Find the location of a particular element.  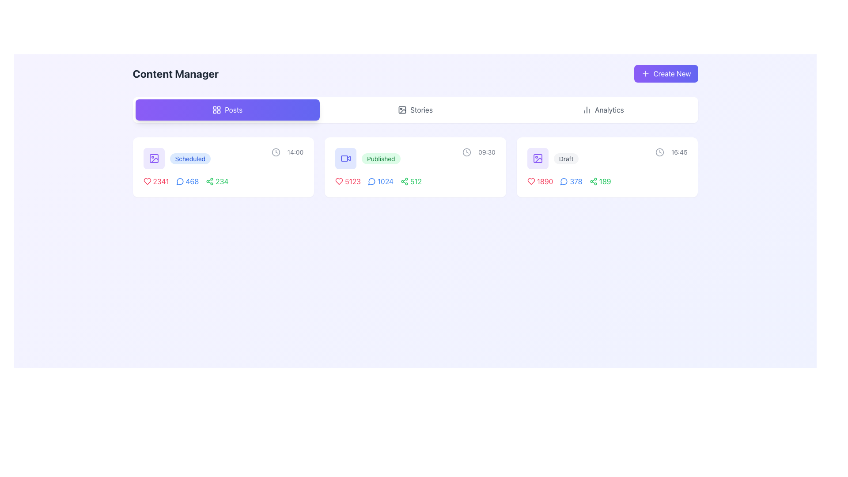

the informational display with a clock icon indicating the timestamp '09:30' in the 'Published' section of the card is located at coordinates (478, 151).